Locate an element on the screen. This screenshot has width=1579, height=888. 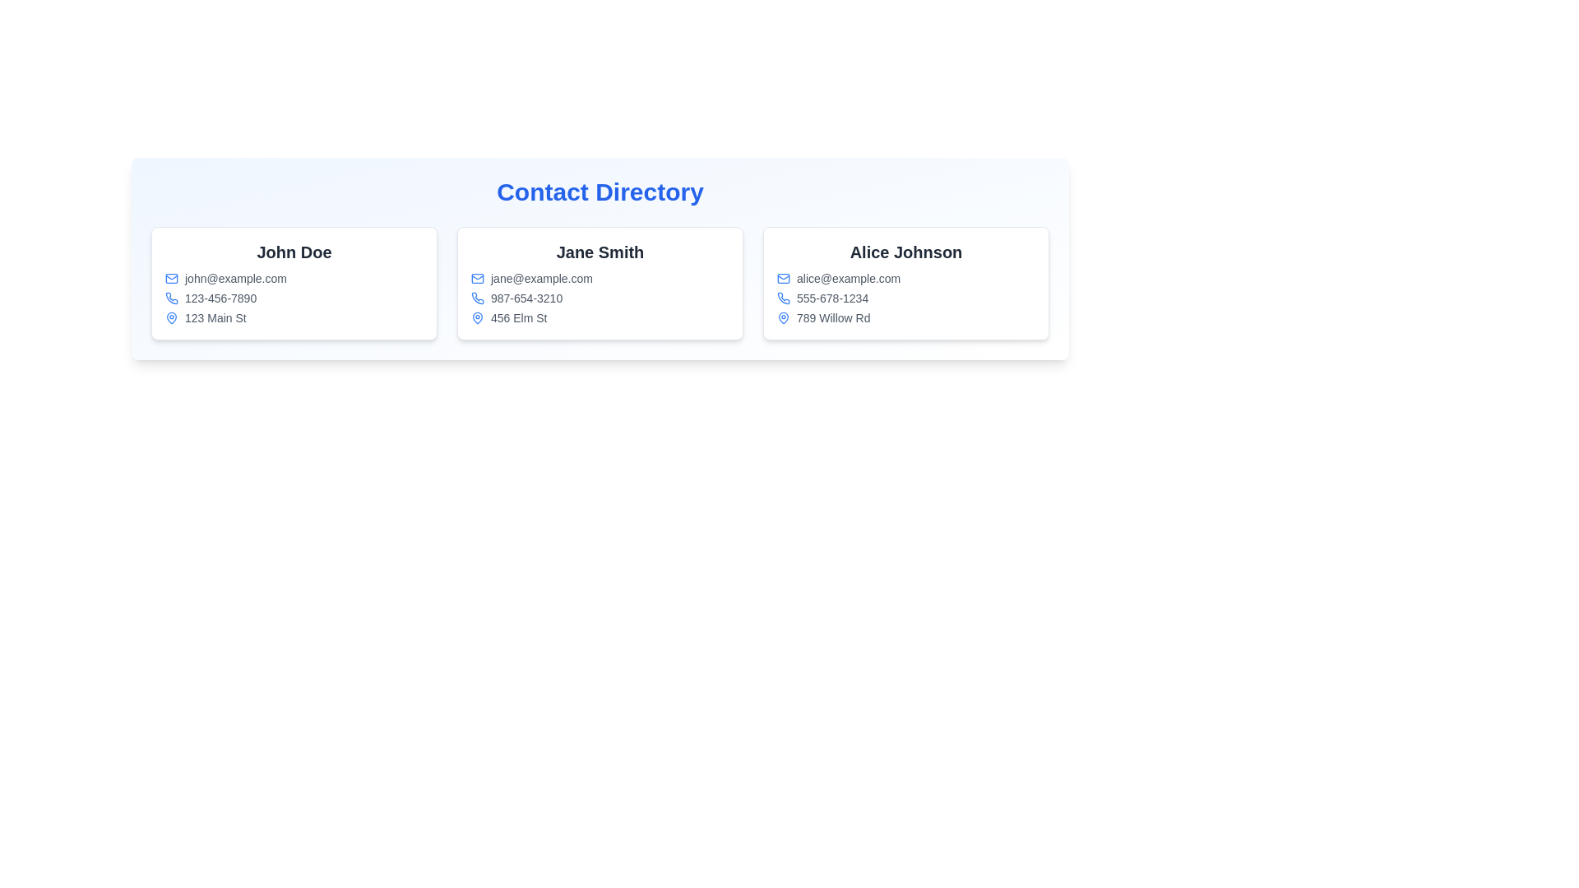
the mail icon graphical component in the first card labeled 'John Doe' within the 'Contact Directory' interface is located at coordinates (172, 278).